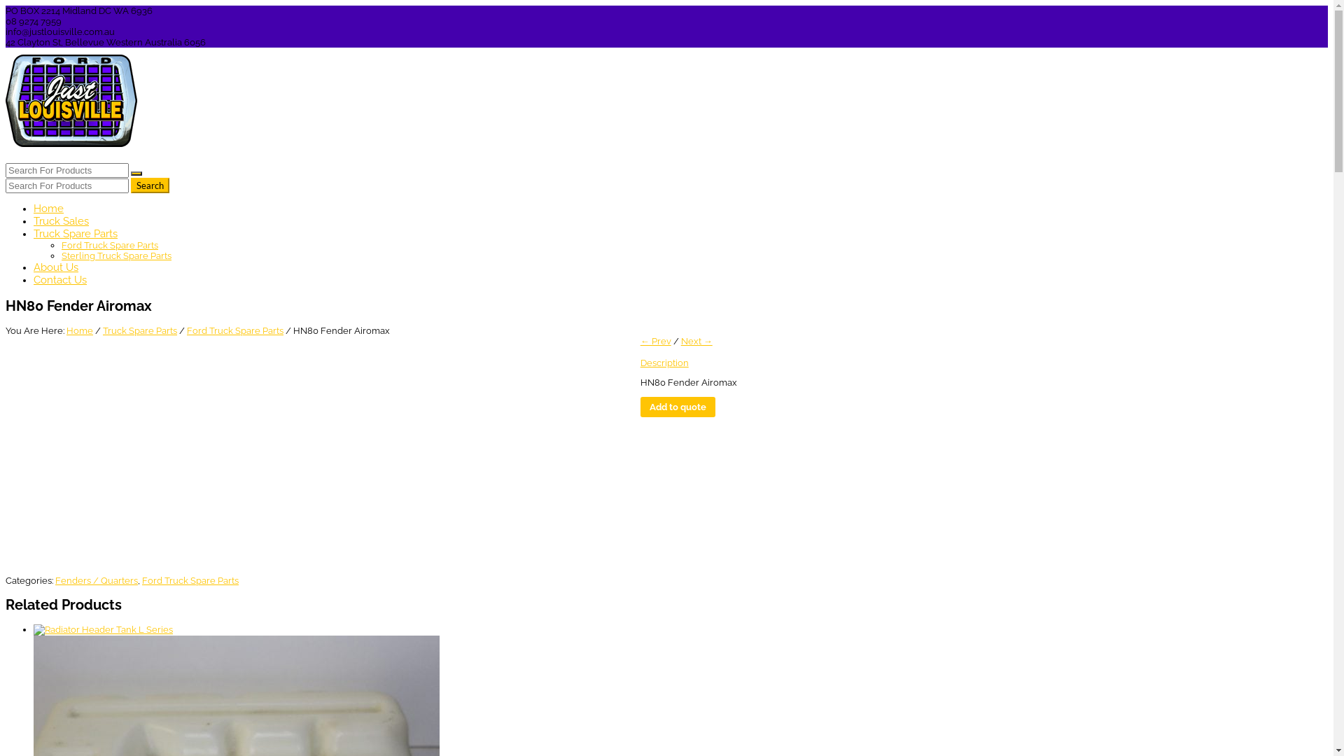 This screenshot has height=756, width=1344. What do you see at coordinates (74, 233) in the screenshot?
I see `'Truck Spare Parts'` at bounding box center [74, 233].